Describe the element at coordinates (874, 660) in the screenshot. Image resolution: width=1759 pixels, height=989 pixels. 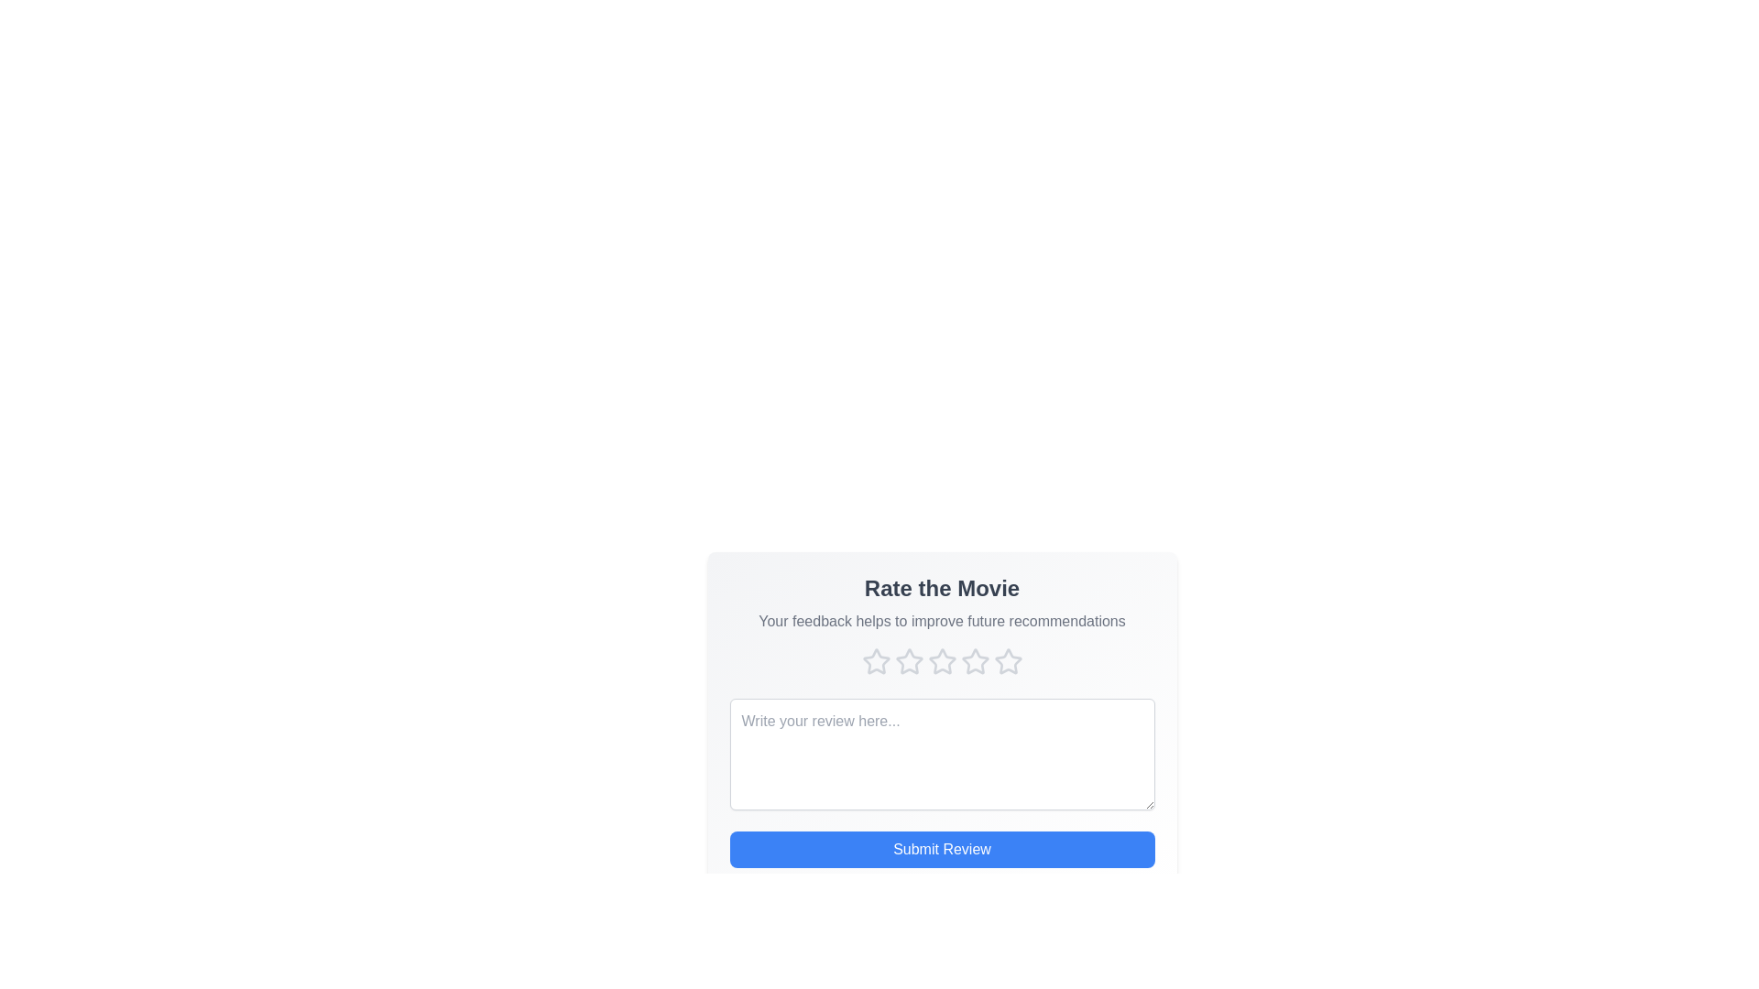
I see `the first star icon filled with a white background and outlined by a gray border` at that location.